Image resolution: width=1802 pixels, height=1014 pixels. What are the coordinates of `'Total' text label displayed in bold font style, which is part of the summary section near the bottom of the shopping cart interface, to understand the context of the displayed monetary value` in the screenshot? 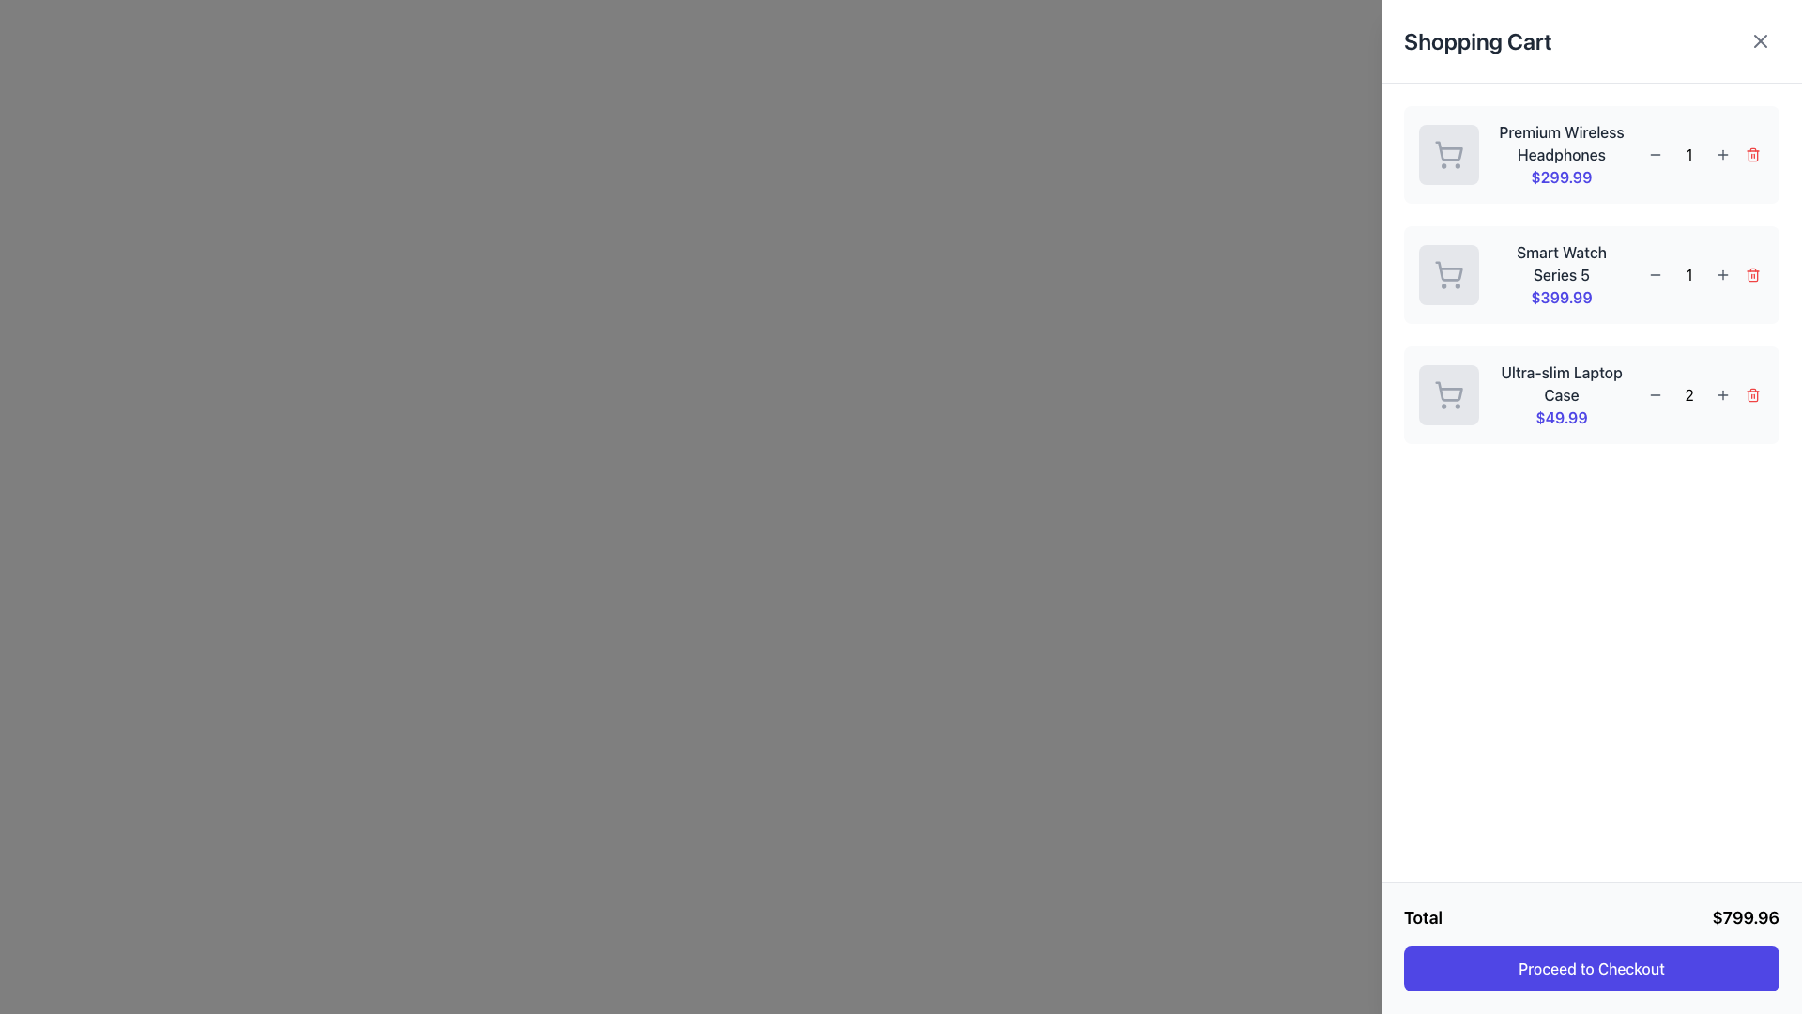 It's located at (1423, 917).